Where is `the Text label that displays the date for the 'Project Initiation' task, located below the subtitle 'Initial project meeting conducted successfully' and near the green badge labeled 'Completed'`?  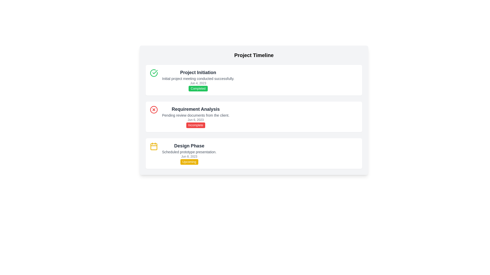 the Text label that displays the date for the 'Project Initiation' task, located below the subtitle 'Initial project meeting conducted successfully' and near the green badge labeled 'Completed' is located at coordinates (198, 83).